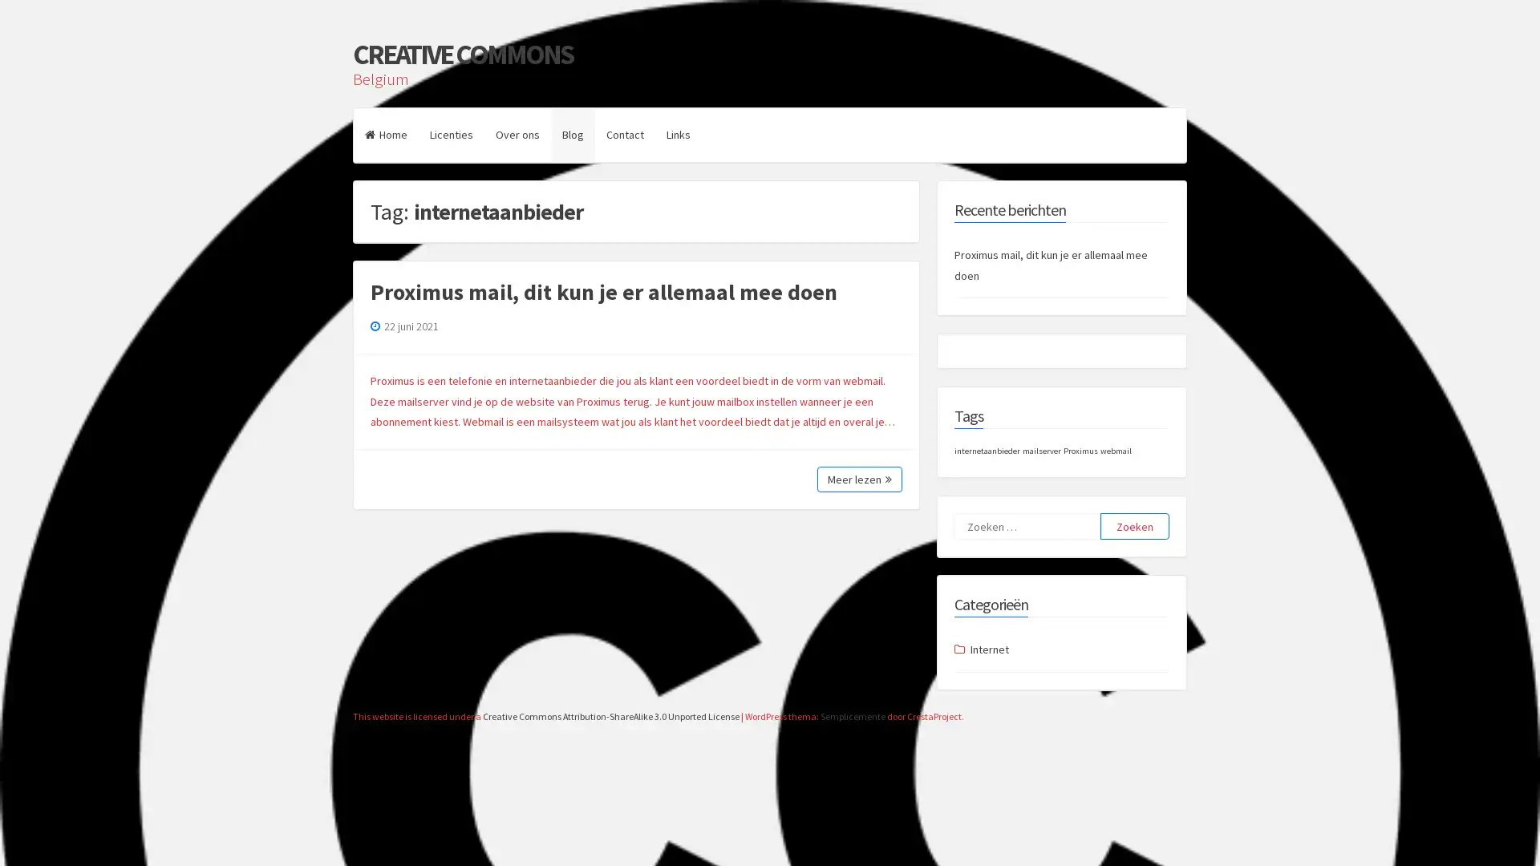 Image resolution: width=1540 pixels, height=866 pixels. Describe the element at coordinates (1134, 526) in the screenshot. I see `Zoeken` at that location.